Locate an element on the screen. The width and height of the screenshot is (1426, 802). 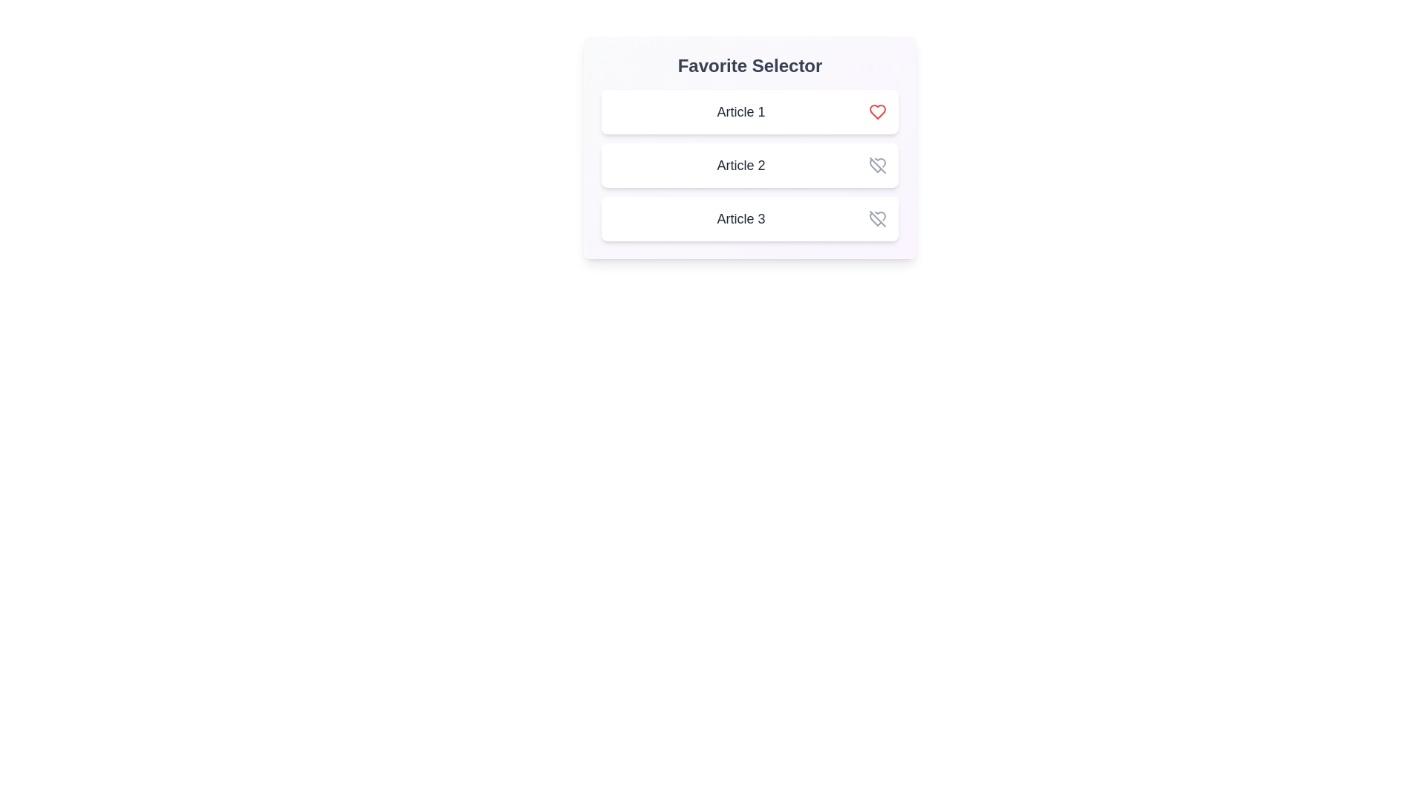
the title of Article 3 to select it is located at coordinates (741, 218).